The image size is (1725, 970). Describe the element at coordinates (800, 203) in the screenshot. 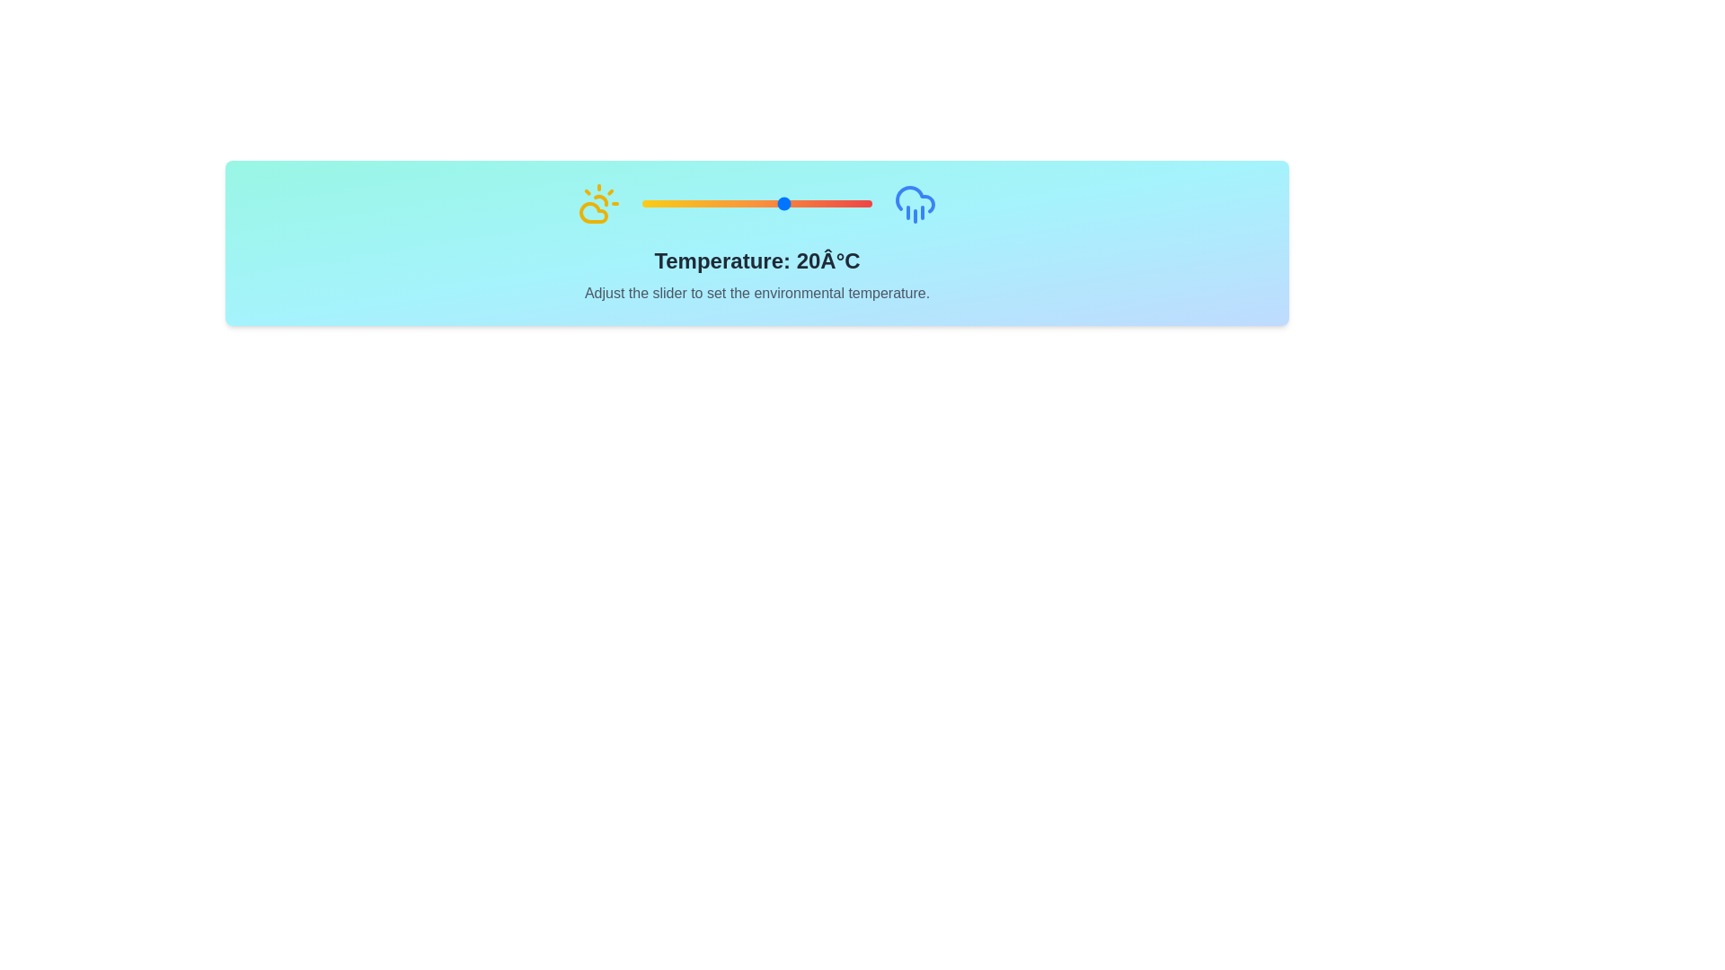

I see `the slider to set the temperature to 25 degrees Celsius` at that location.